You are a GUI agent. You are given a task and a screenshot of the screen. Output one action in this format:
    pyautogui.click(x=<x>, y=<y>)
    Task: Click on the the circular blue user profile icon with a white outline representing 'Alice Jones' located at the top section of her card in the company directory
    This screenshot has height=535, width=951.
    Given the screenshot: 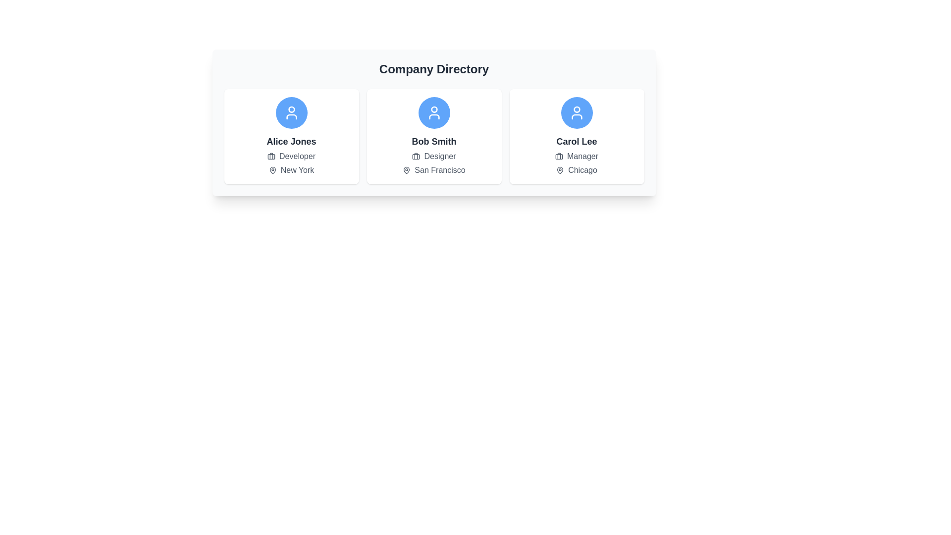 What is the action you would take?
    pyautogui.click(x=291, y=112)
    